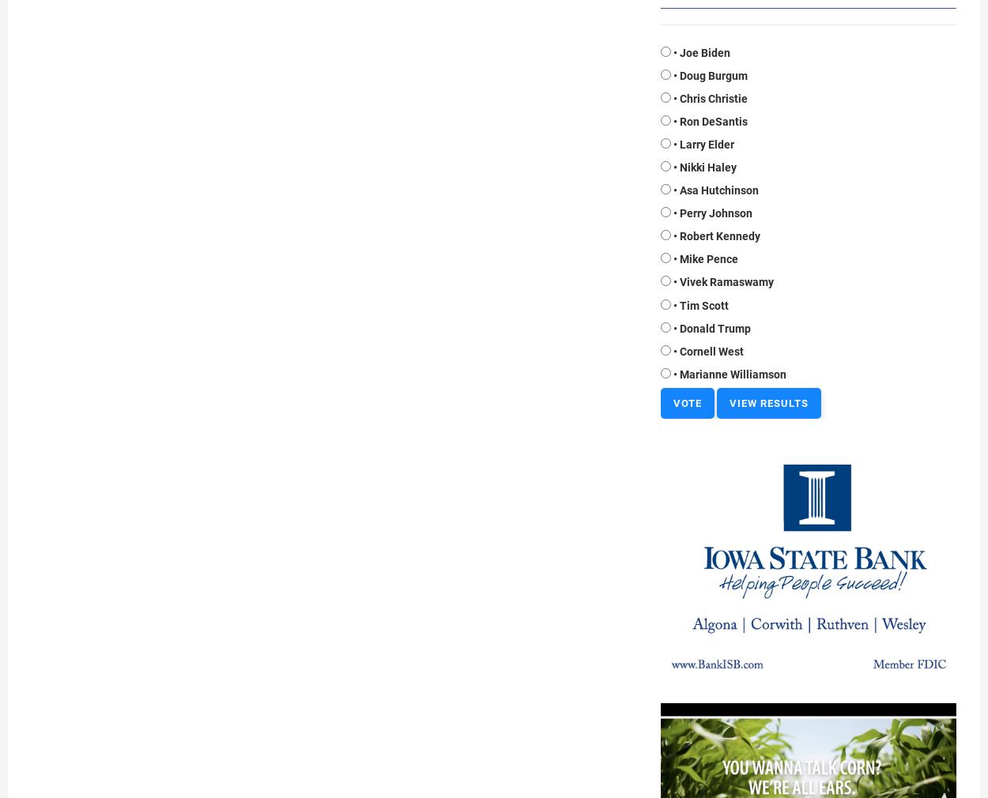 The width and height of the screenshot is (988, 798). I want to click on '• Robert Kennedy', so click(717, 235).